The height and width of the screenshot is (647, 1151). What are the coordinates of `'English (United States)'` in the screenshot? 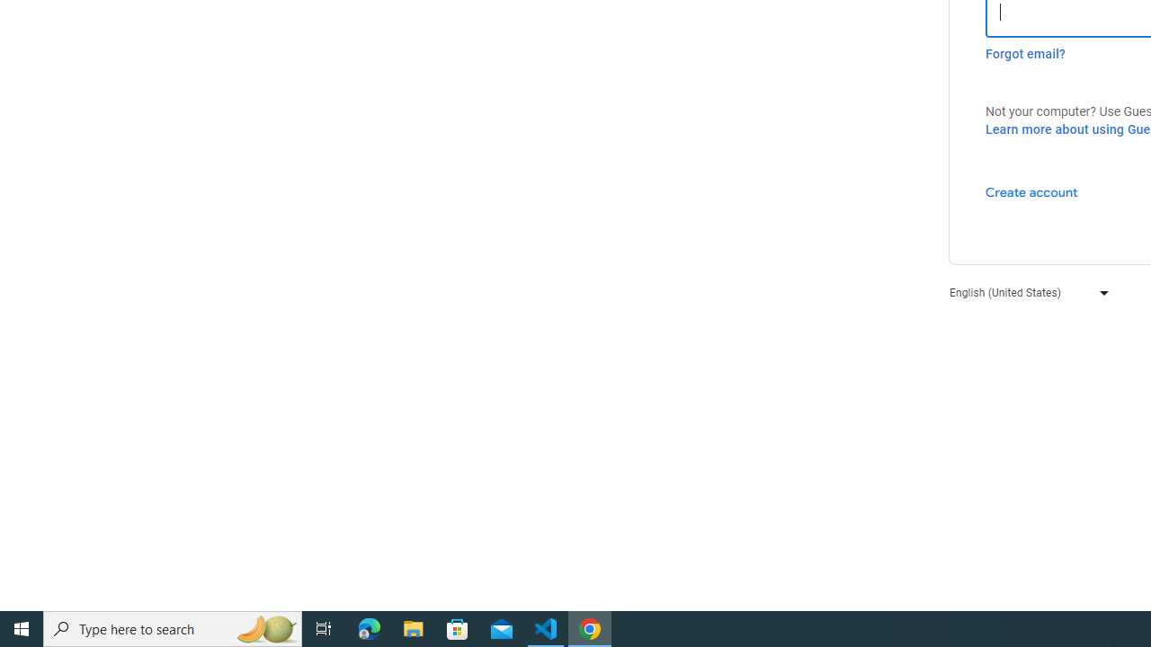 It's located at (1024, 291).